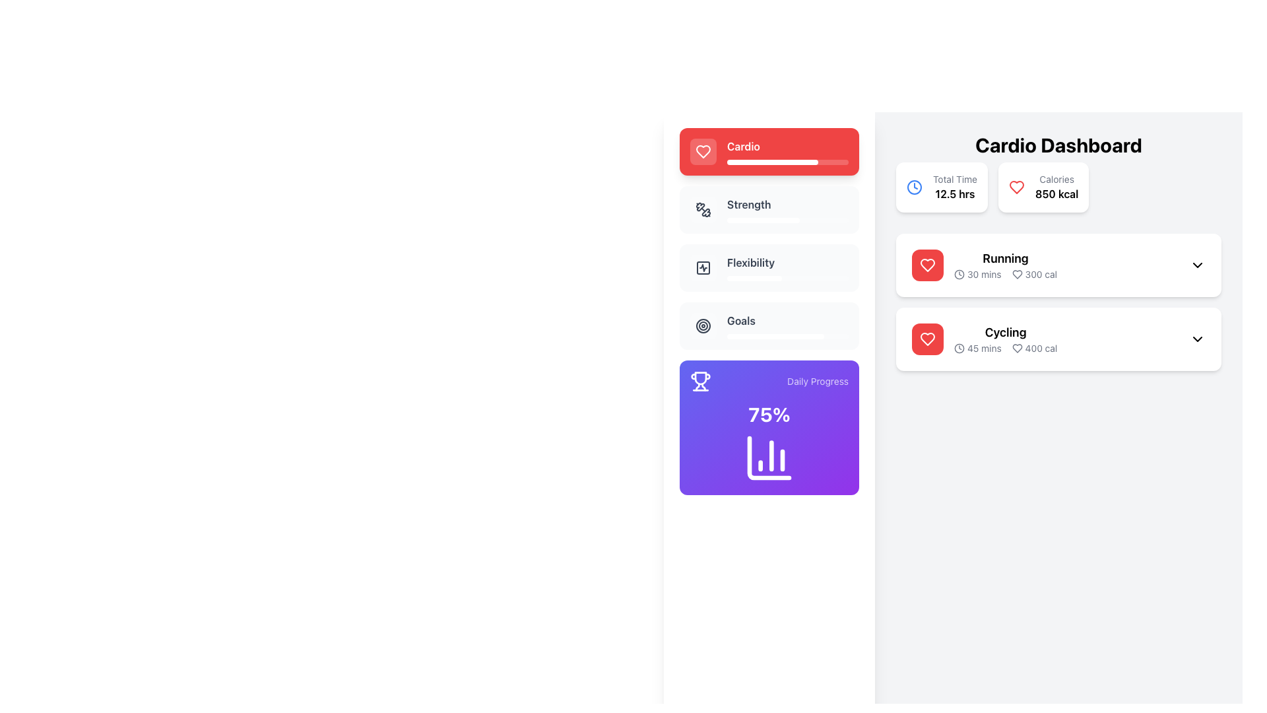 This screenshot has height=713, width=1267. I want to click on details of the Informative card which features a white background, a red heart icon, bold black text 'Running', and additional text '30 mins' and '300 cal'. This card is the first in the 'Cardio Dashboard' section, so click(1058, 265).